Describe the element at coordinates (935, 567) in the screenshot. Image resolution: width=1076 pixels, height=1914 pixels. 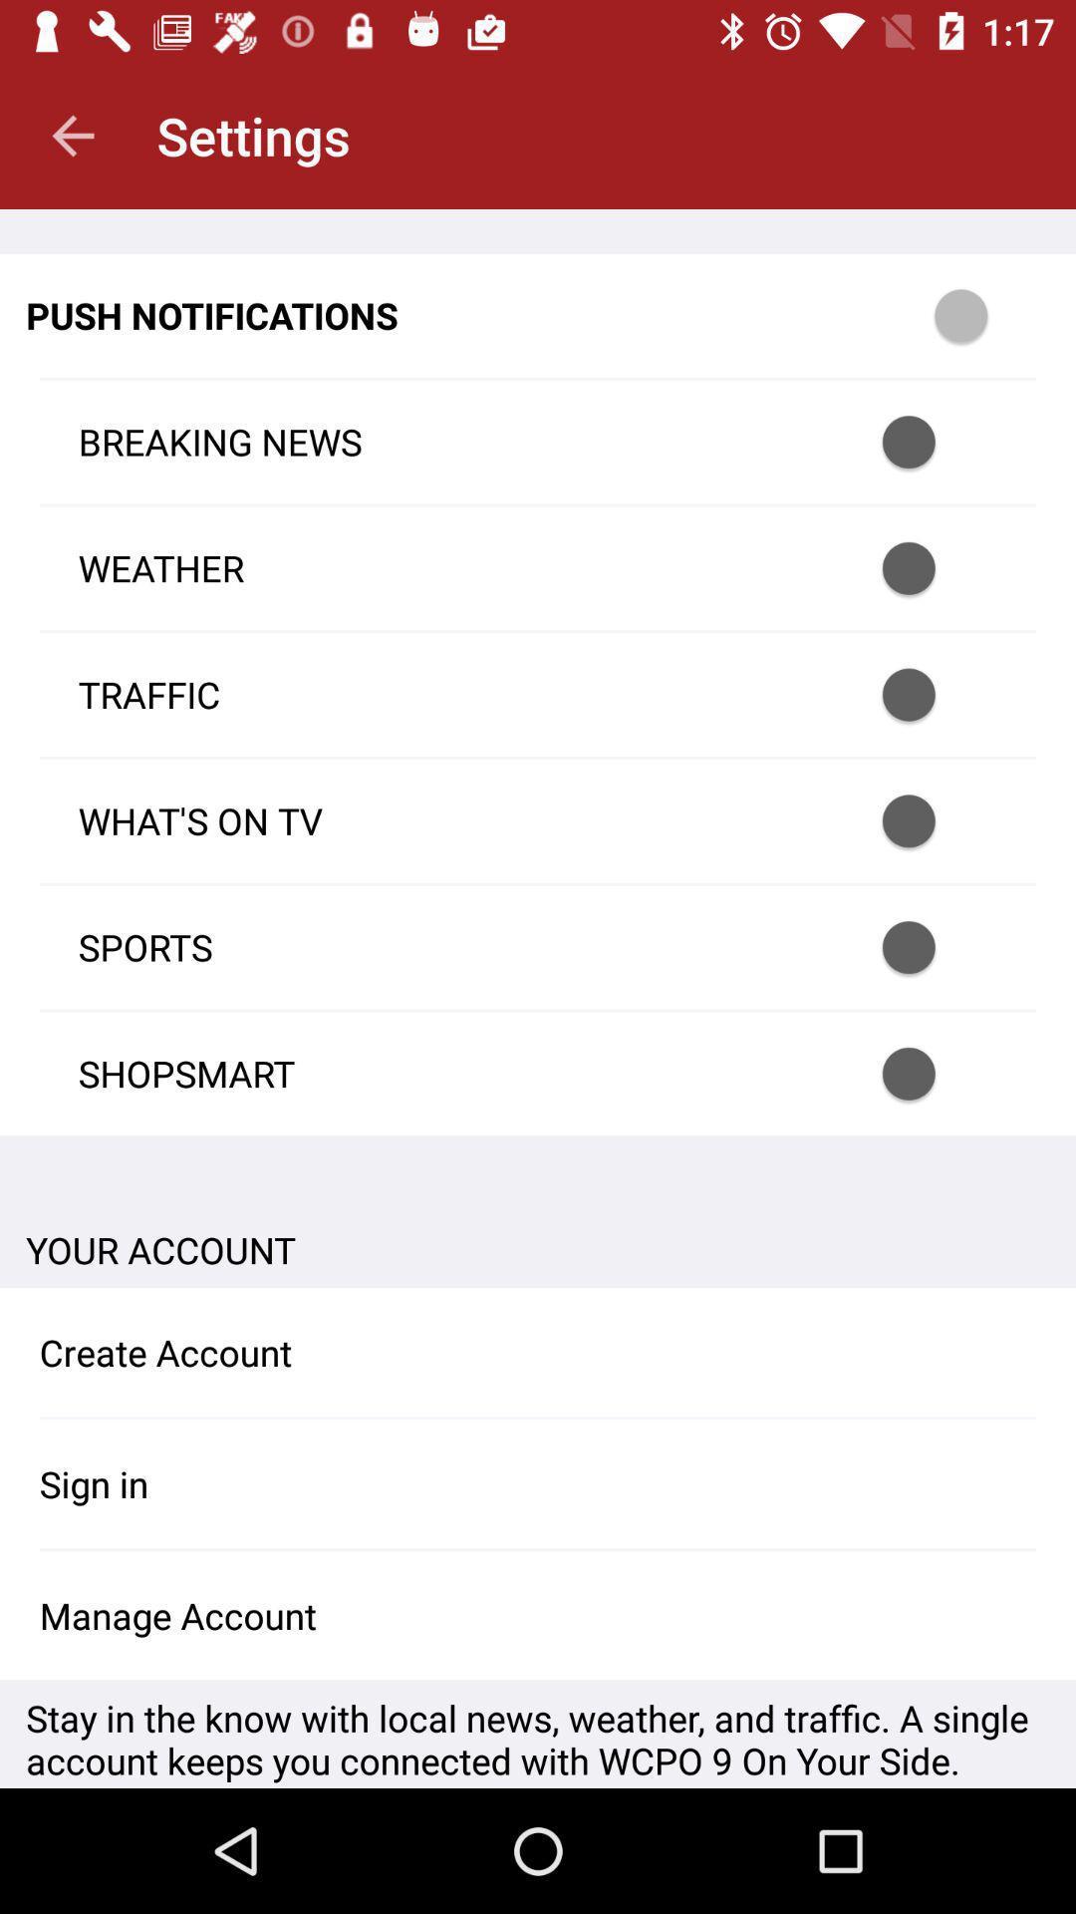
I see `notification option for weather` at that location.